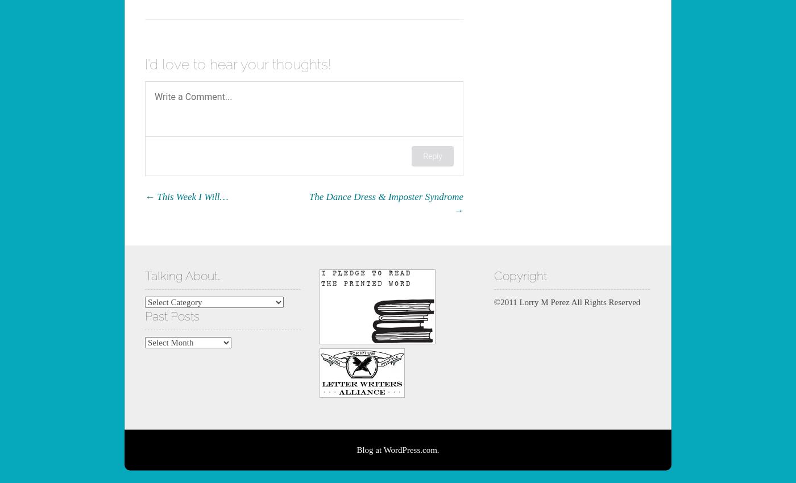  I want to click on 'Copyright', so click(519, 275).